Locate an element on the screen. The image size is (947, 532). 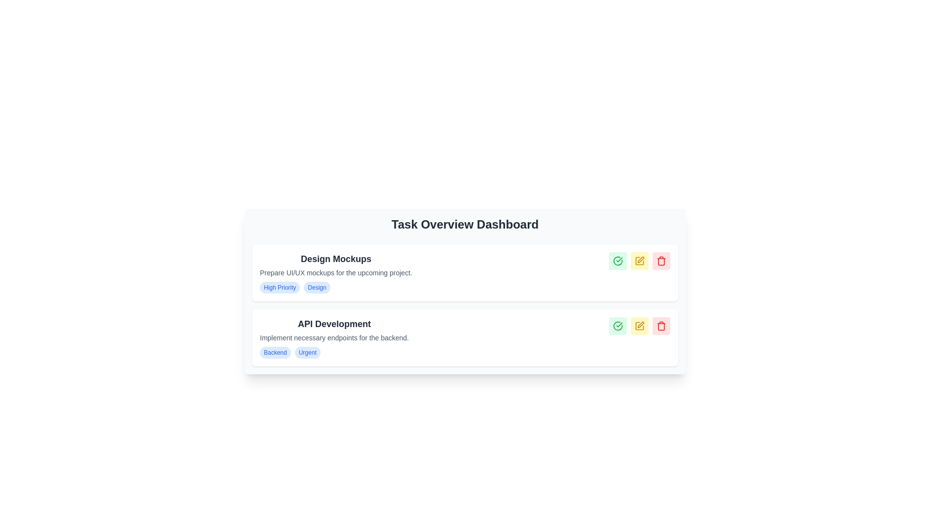
the yellow pencil icon button located in the top-right section of the 'Design Mockups' card is located at coordinates (639, 260).